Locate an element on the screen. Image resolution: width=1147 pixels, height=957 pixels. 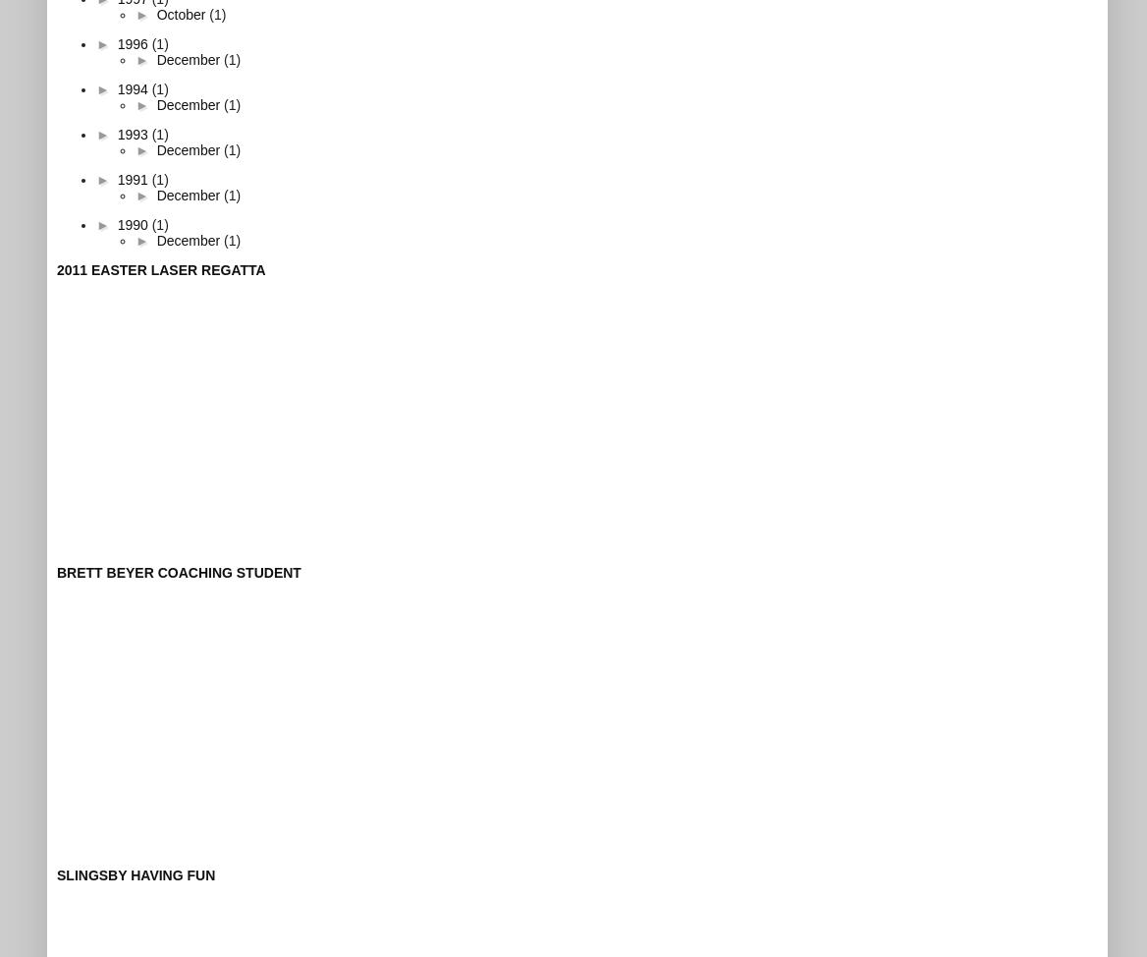
'1991' is located at coordinates (133, 179).